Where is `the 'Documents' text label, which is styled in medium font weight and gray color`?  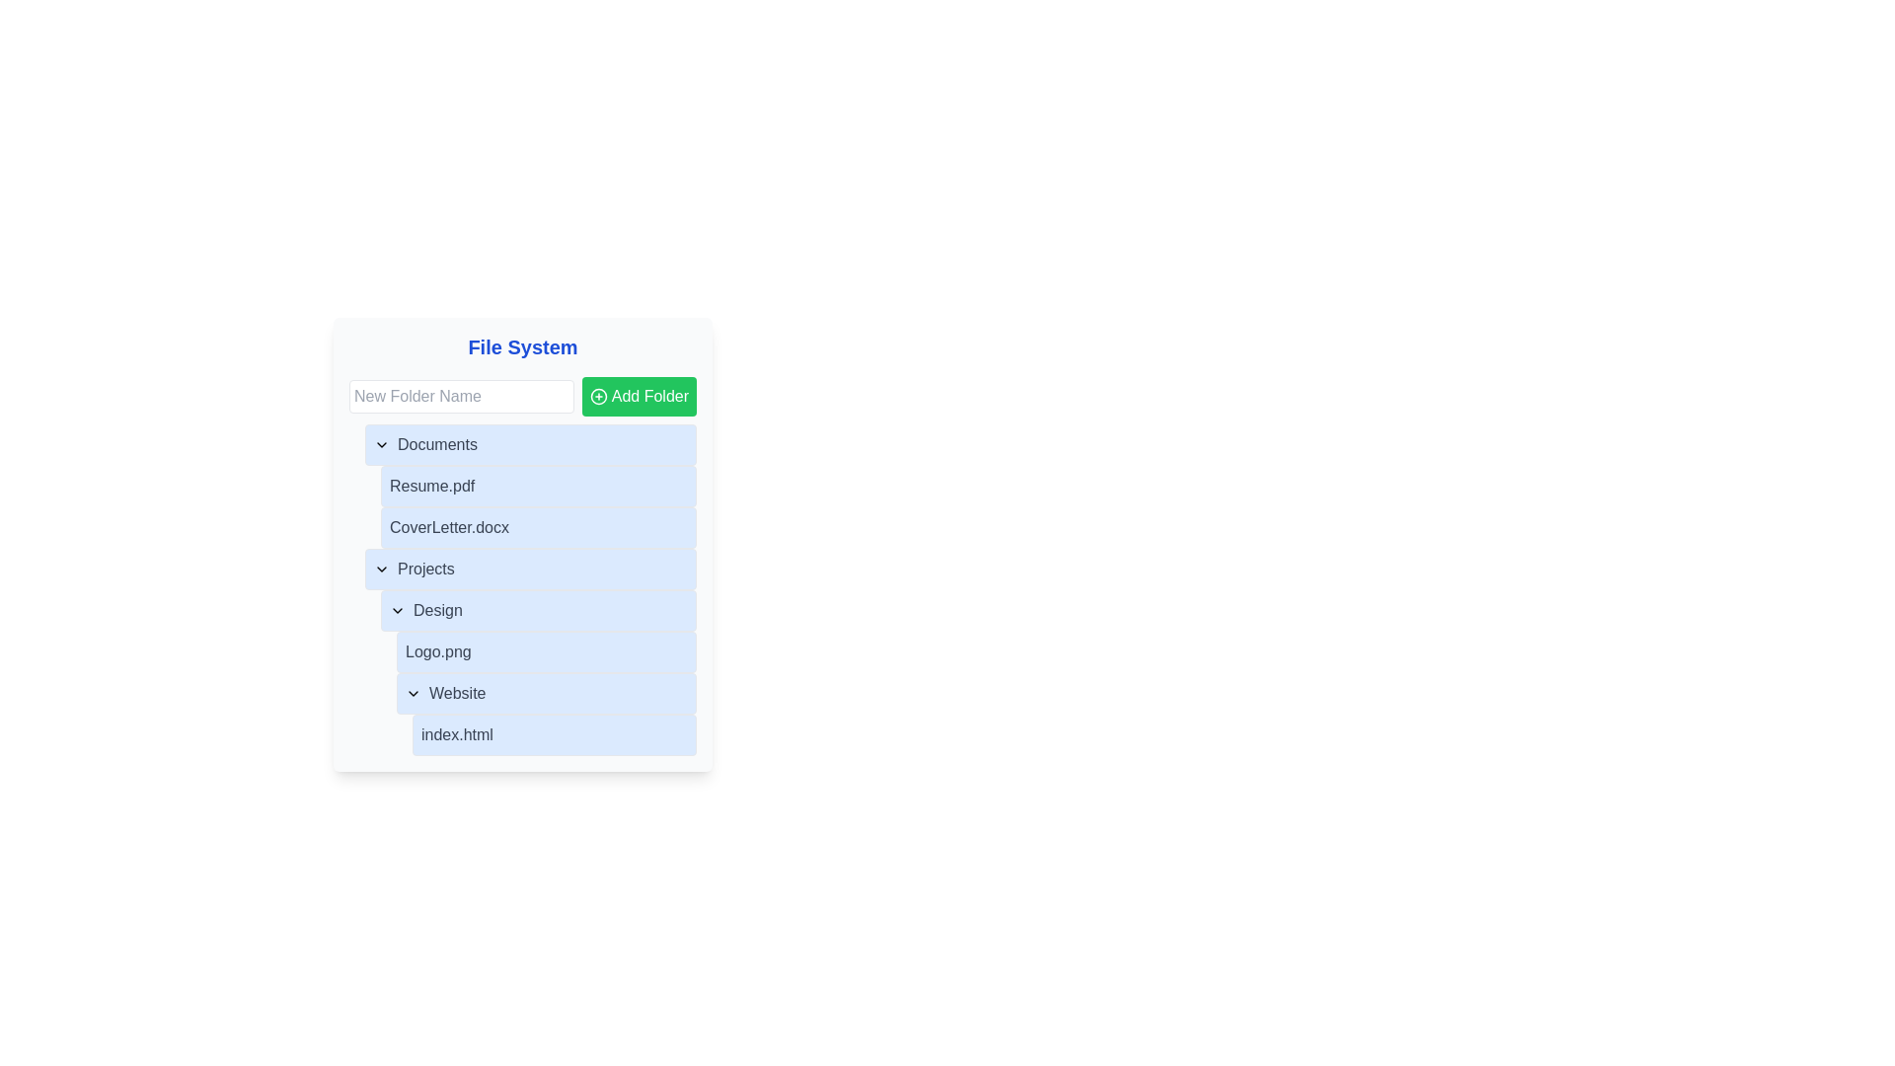 the 'Documents' text label, which is styled in medium font weight and gray color is located at coordinates (436, 445).